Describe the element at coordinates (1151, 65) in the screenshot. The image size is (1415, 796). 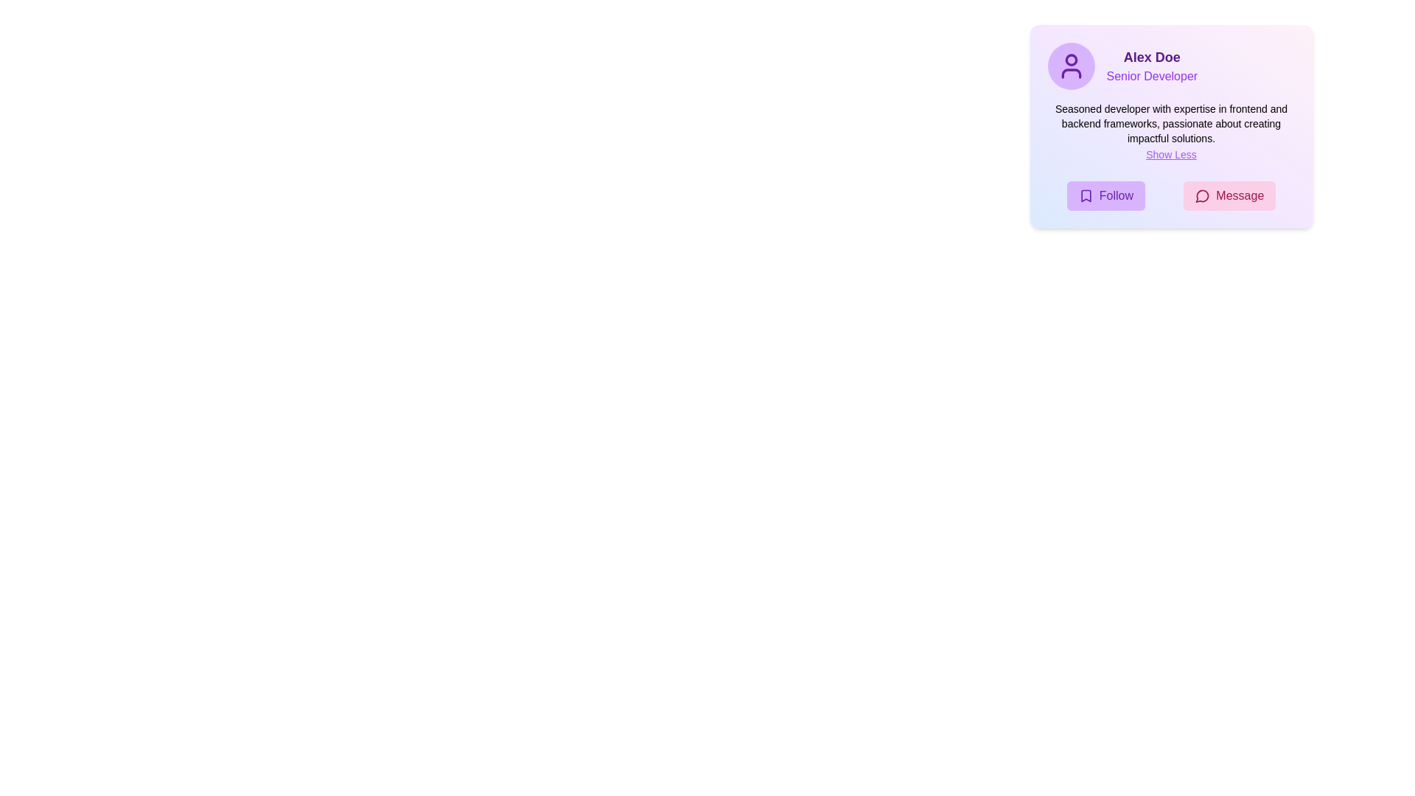
I see `the text block displaying the name 'Alex Doe' and the title 'Senior Developer', which is centrally located in the card interface, immediately to the right of the circular avatar icon` at that location.